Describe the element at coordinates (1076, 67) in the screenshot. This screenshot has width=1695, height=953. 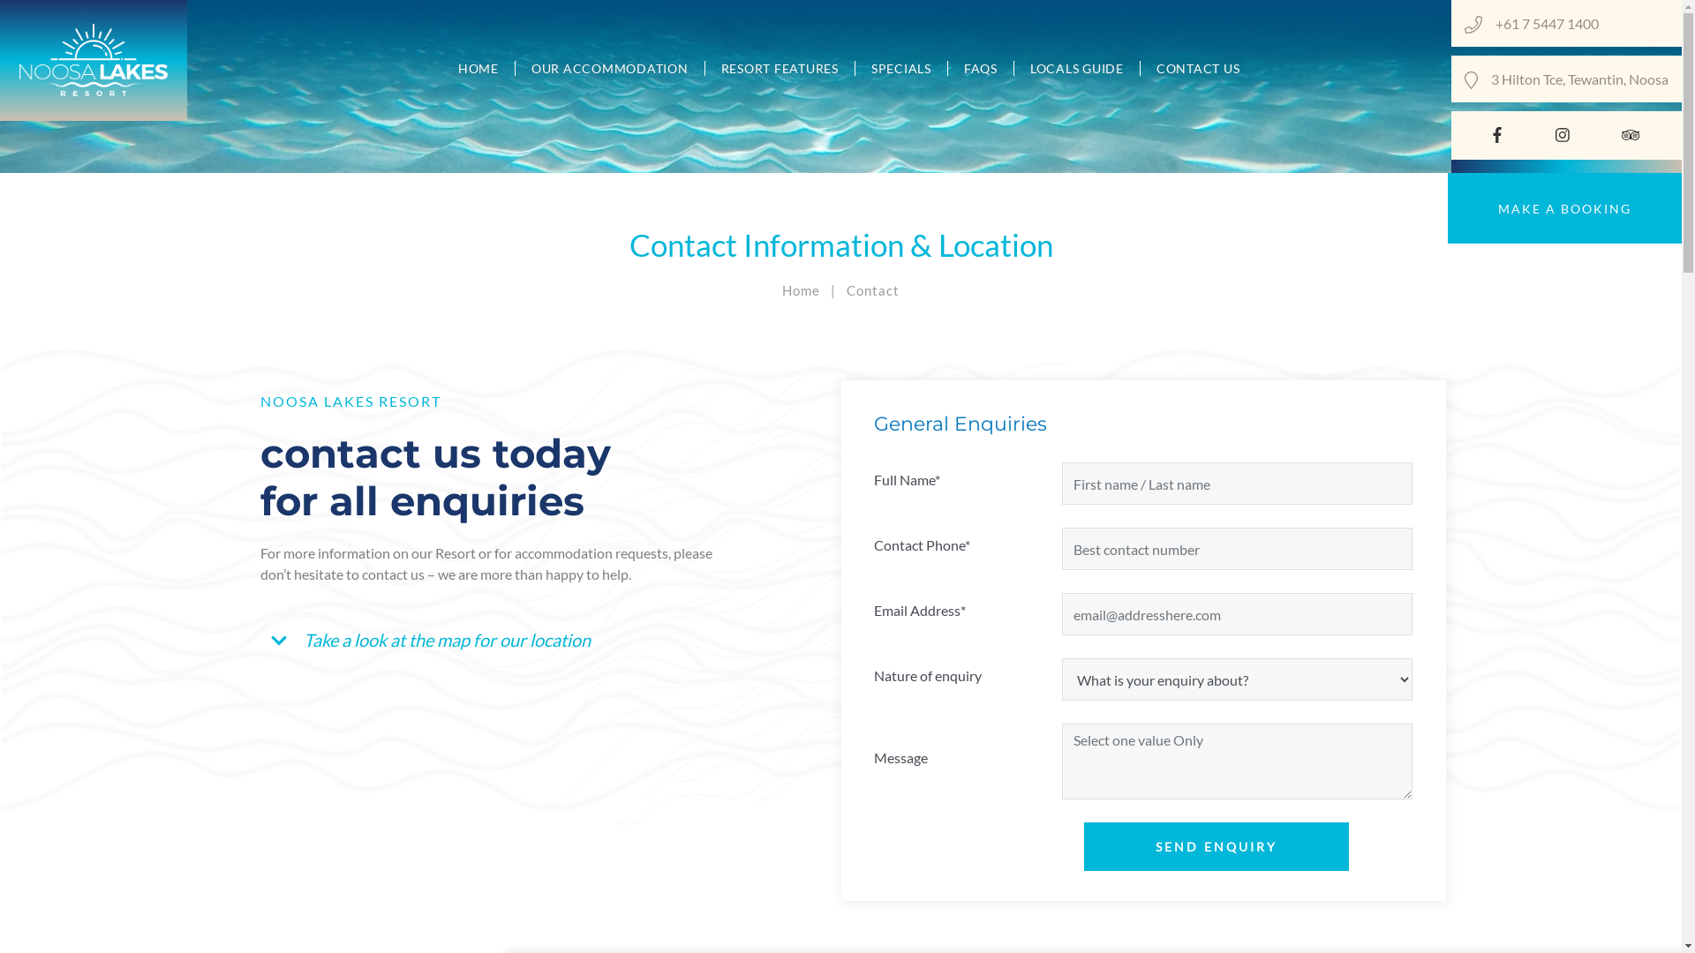
I see `'LOCALS GUIDE'` at that location.